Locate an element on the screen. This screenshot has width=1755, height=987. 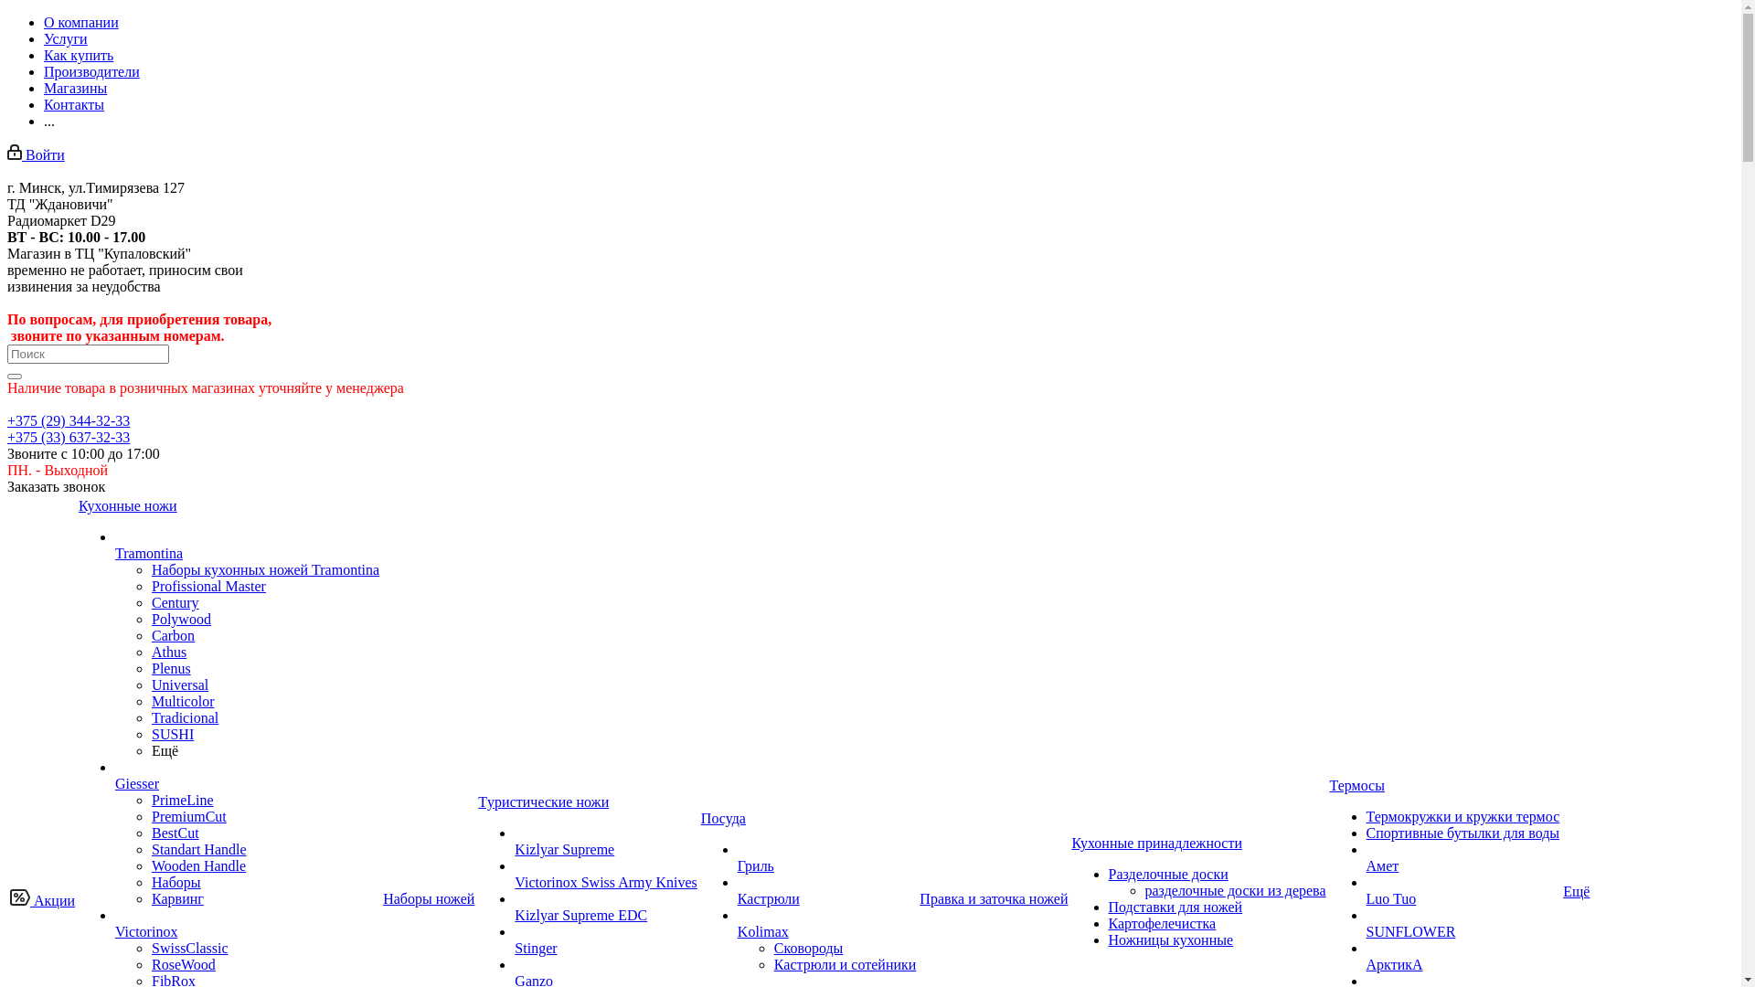
'Kizlyar Supreme' is located at coordinates (563, 849).